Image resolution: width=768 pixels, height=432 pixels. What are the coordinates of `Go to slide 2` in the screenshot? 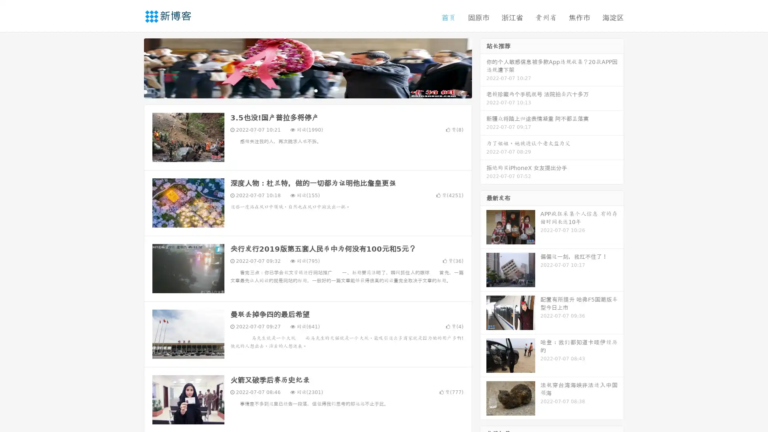 It's located at (307, 90).